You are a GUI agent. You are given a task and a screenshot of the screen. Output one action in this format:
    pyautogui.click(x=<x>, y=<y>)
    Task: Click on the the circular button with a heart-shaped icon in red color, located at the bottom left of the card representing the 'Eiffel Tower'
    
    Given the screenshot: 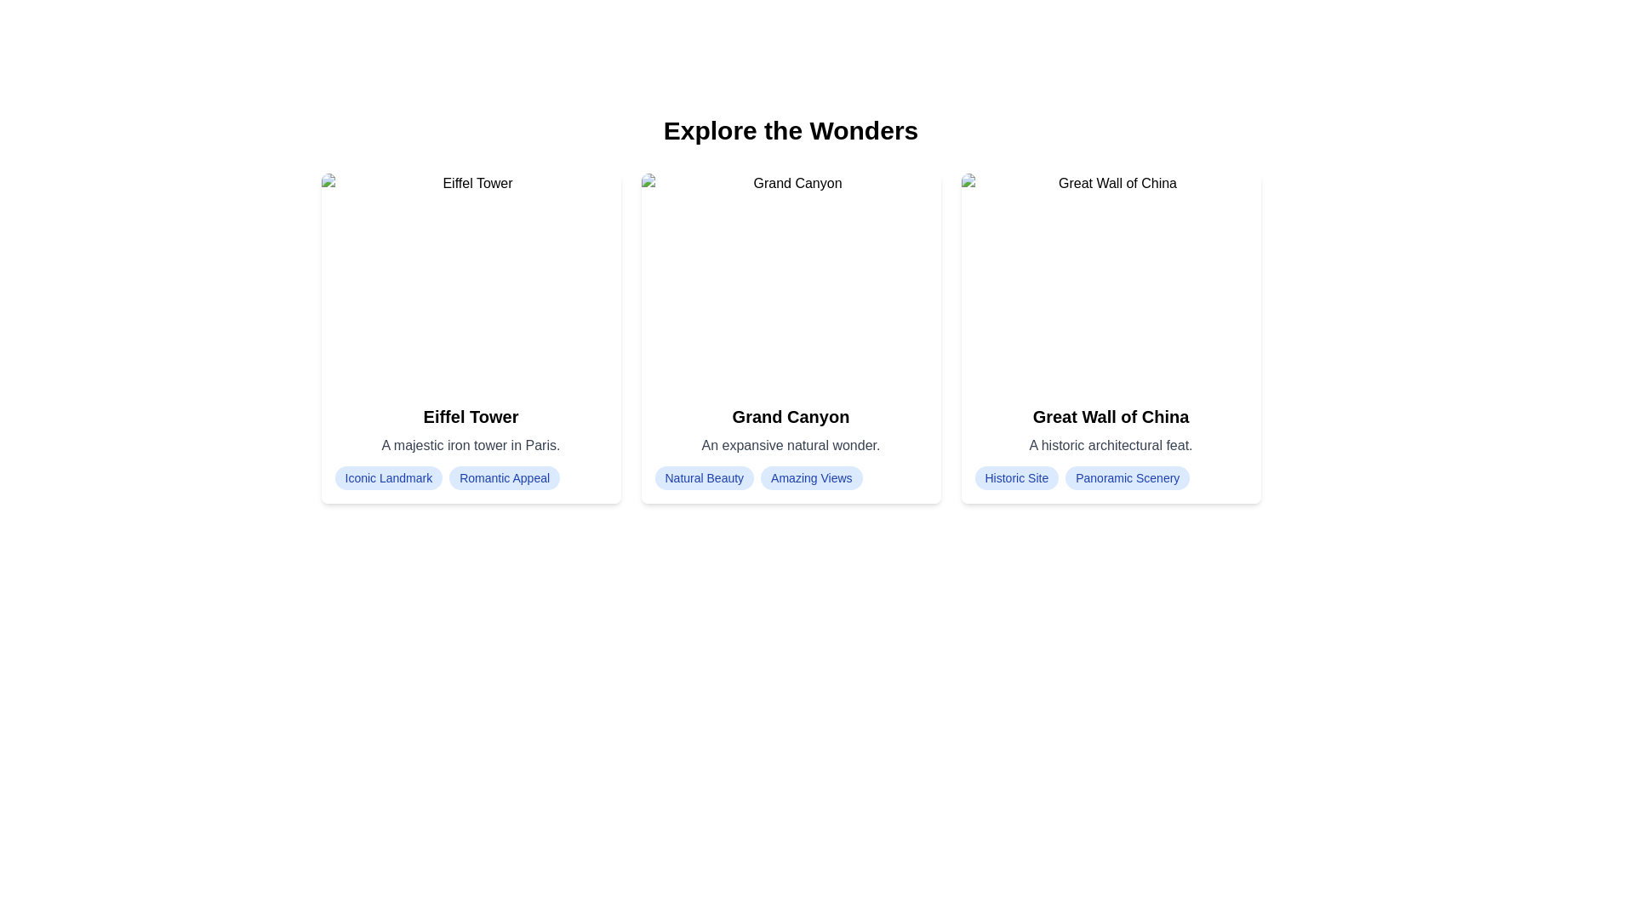 What is the action you would take?
    pyautogui.click(x=351, y=472)
    